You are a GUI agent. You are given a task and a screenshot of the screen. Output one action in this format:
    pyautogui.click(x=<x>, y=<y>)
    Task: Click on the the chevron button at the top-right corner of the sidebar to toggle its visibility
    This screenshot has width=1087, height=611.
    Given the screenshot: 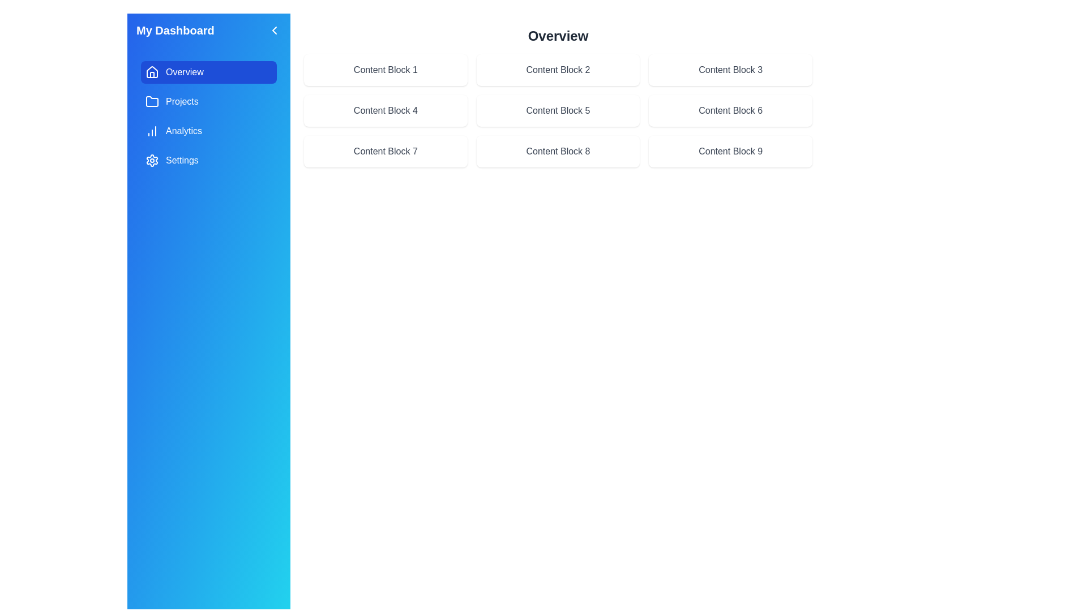 What is the action you would take?
    pyautogui.click(x=274, y=30)
    